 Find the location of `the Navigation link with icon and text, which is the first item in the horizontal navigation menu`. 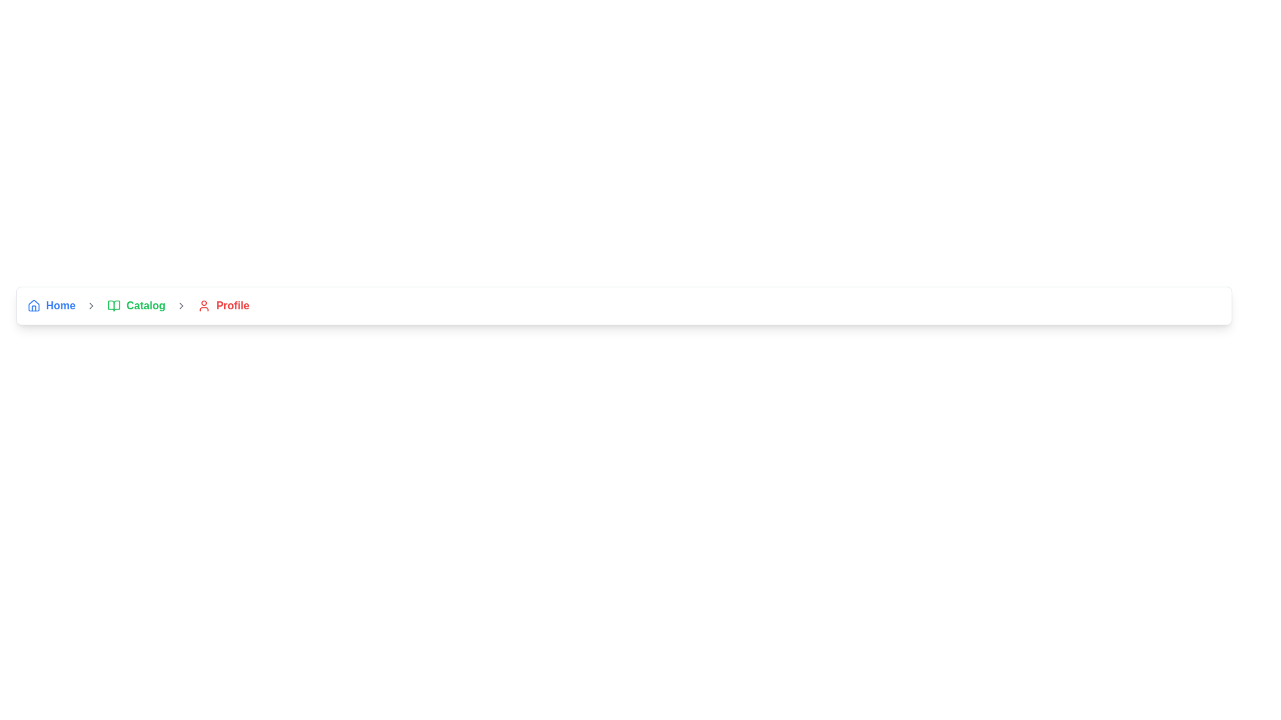

the Navigation link with icon and text, which is the first item in the horizontal navigation menu is located at coordinates (51, 306).